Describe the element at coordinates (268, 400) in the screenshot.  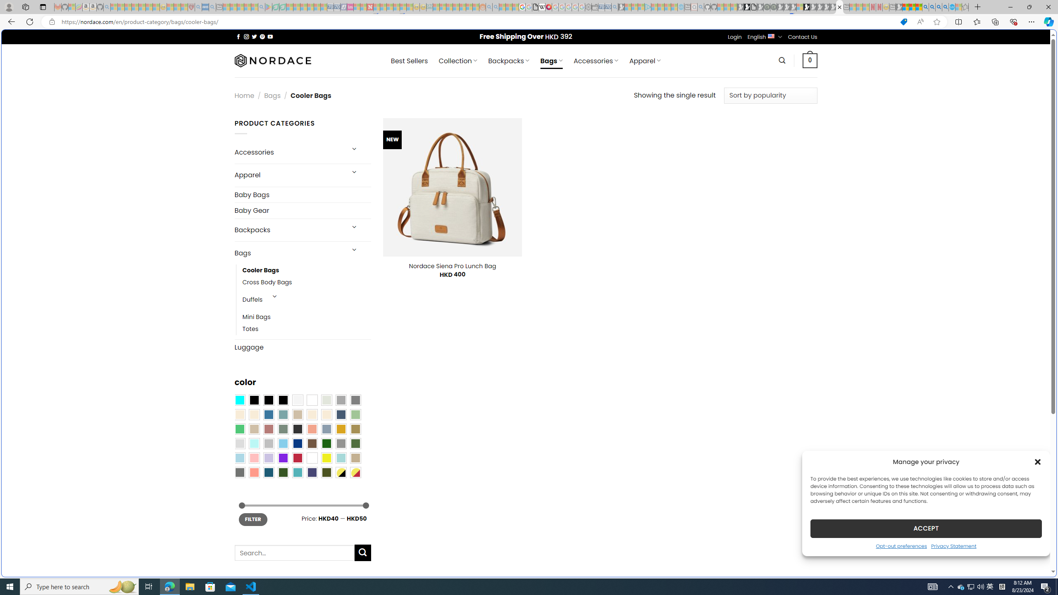
I see `'Black'` at that location.